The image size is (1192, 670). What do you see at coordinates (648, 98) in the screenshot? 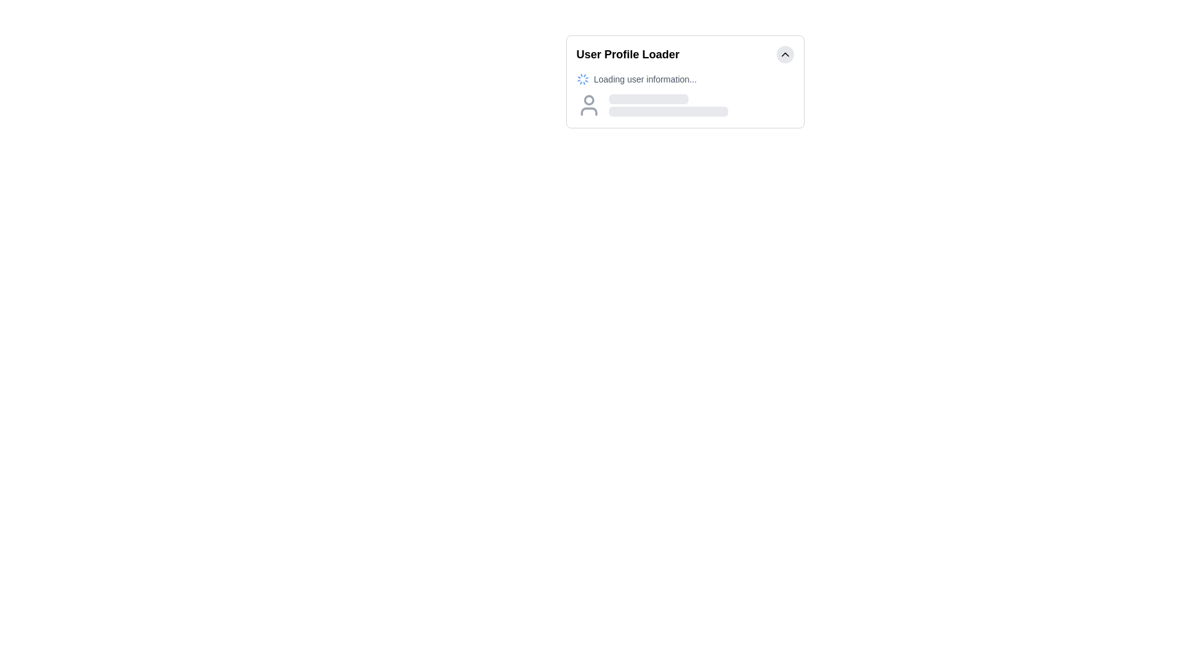
I see `the upper gray loading placeholder bar with rounded corners that indicates loading user information` at bounding box center [648, 98].